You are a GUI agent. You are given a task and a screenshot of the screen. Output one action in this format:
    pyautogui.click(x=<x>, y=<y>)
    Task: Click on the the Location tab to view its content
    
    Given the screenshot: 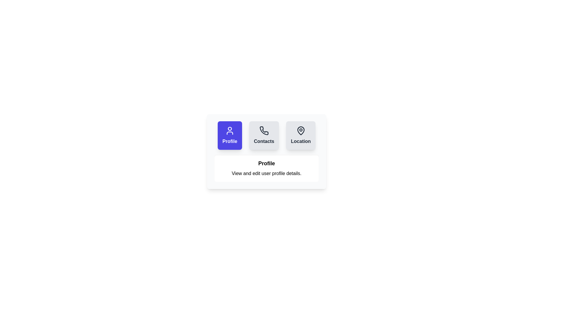 What is the action you would take?
    pyautogui.click(x=301, y=135)
    